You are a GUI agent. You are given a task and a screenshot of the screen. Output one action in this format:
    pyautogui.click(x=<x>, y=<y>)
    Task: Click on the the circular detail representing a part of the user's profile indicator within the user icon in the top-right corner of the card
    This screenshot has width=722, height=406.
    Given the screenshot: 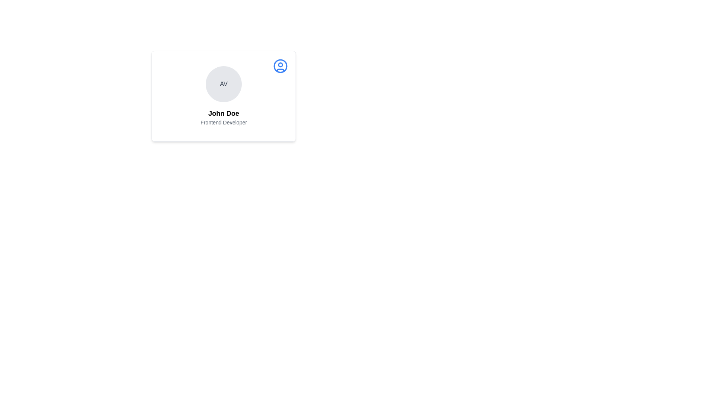 What is the action you would take?
    pyautogui.click(x=280, y=64)
    